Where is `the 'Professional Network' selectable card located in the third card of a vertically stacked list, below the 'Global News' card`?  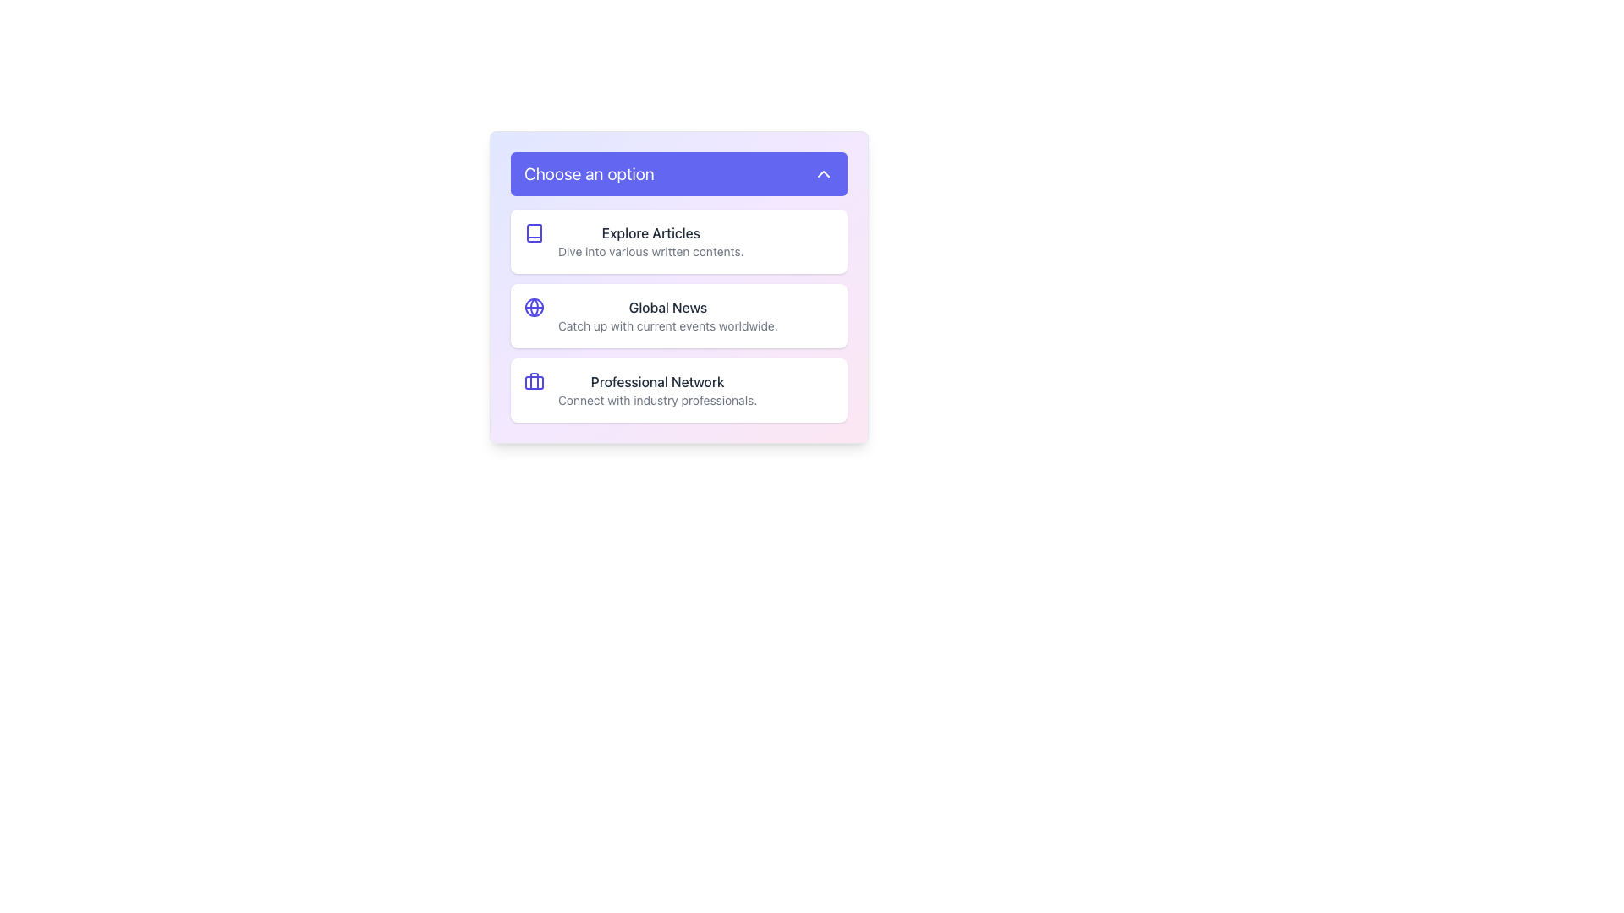
the 'Professional Network' selectable card located in the third card of a vertically stacked list, below the 'Global News' card is located at coordinates (656, 391).